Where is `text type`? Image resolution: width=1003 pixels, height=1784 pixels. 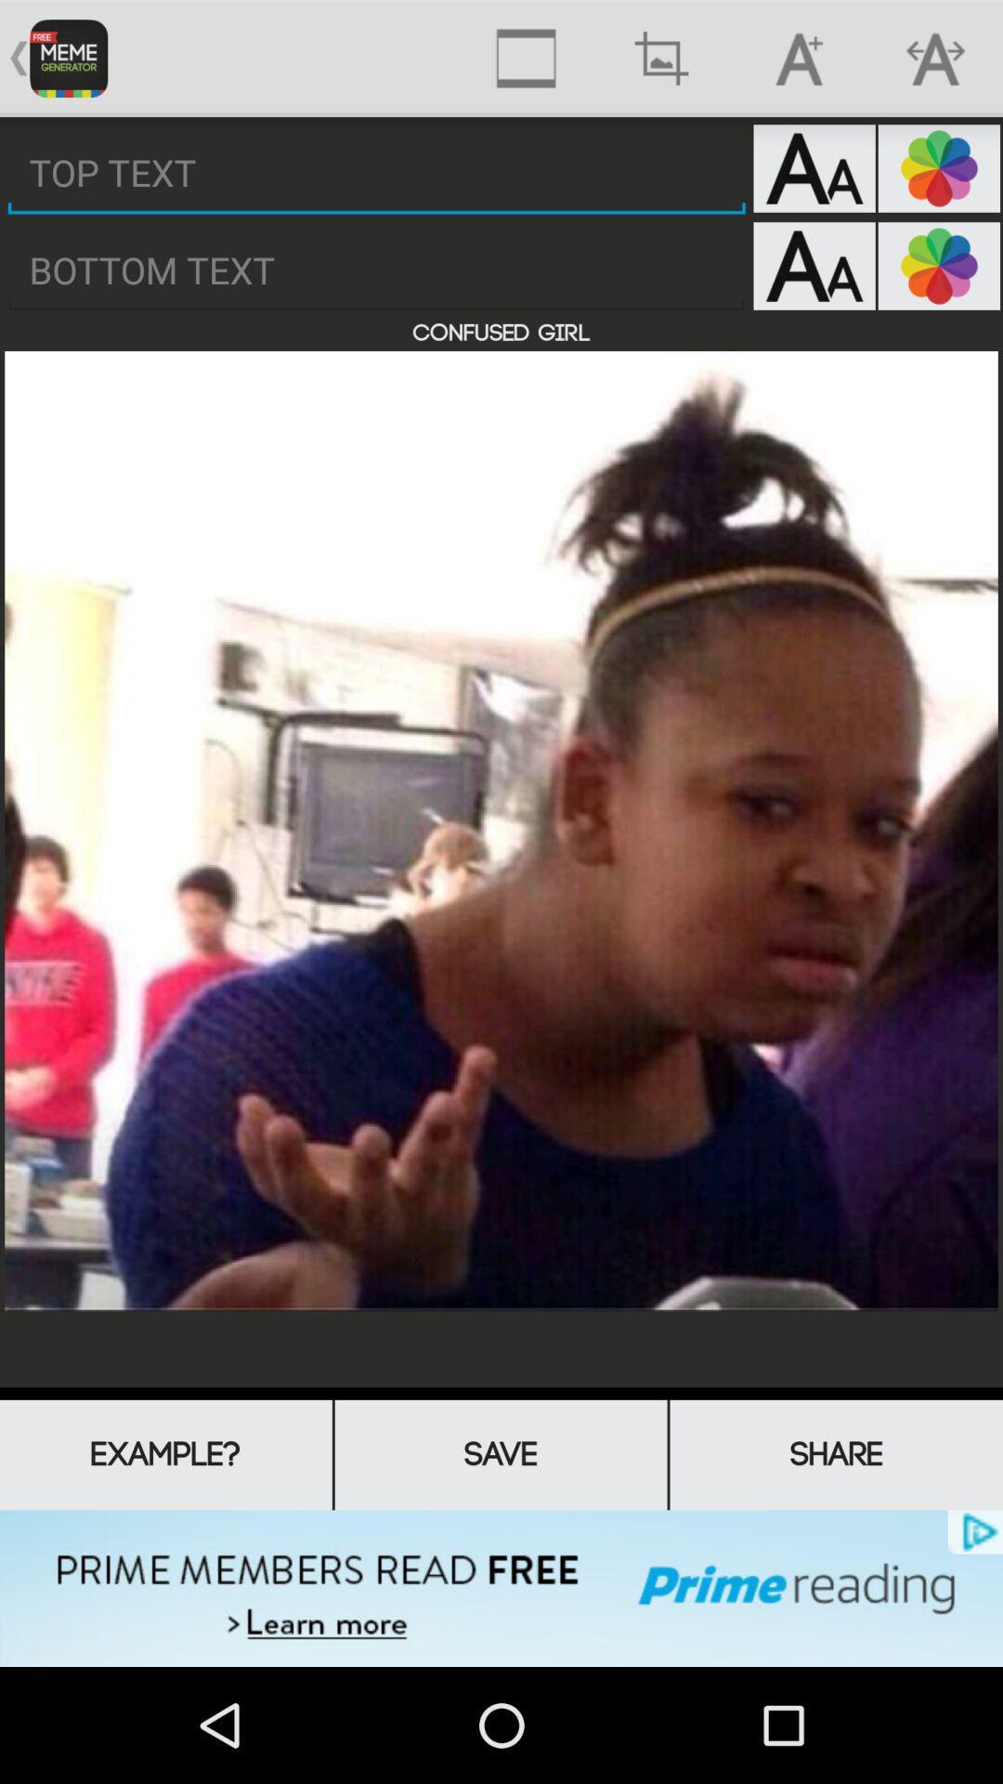
text type is located at coordinates (814, 265).